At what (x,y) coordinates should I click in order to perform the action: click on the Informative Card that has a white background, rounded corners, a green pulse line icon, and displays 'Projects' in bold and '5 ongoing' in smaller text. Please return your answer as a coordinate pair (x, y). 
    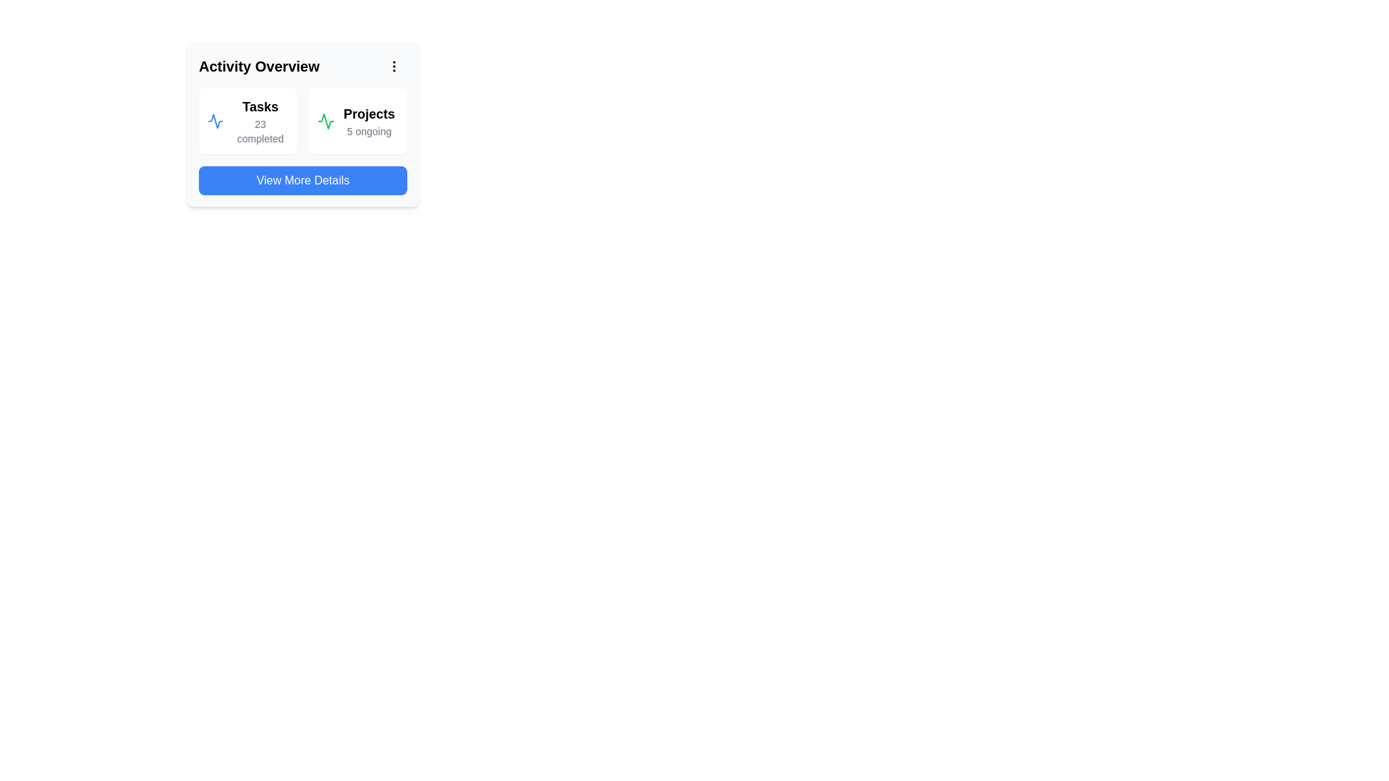
    Looking at the image, I should click on (357, 121).